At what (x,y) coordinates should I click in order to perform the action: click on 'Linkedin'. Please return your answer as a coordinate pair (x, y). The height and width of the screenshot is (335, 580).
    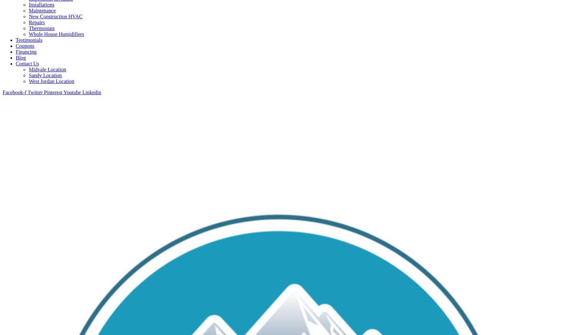
    Looking at the image, I should click on (82, 92).